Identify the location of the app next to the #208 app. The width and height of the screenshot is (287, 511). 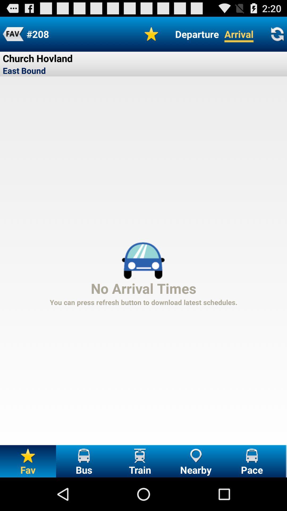
(13, 34).